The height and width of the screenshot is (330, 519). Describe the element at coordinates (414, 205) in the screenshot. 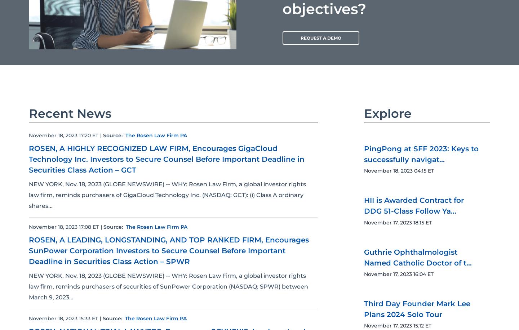

I see `'HII is Awarded Contract for DDG 51-Class Follow Ya...'` at that location.